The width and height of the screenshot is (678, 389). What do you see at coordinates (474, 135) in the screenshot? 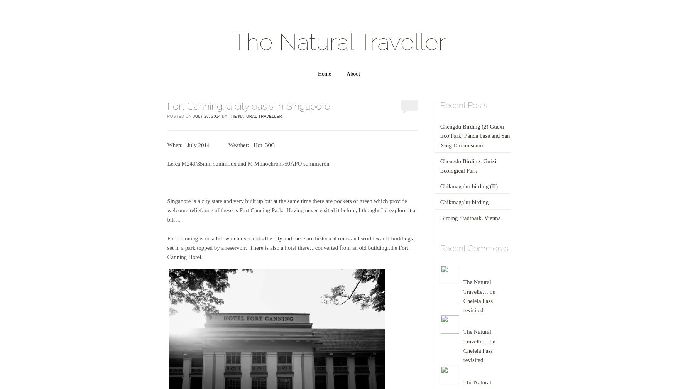
I see `'Chengdu Birding (2) Guexi Eco Park, Panda base and San Xing Dui museum'` at bounding box center [474, 135].